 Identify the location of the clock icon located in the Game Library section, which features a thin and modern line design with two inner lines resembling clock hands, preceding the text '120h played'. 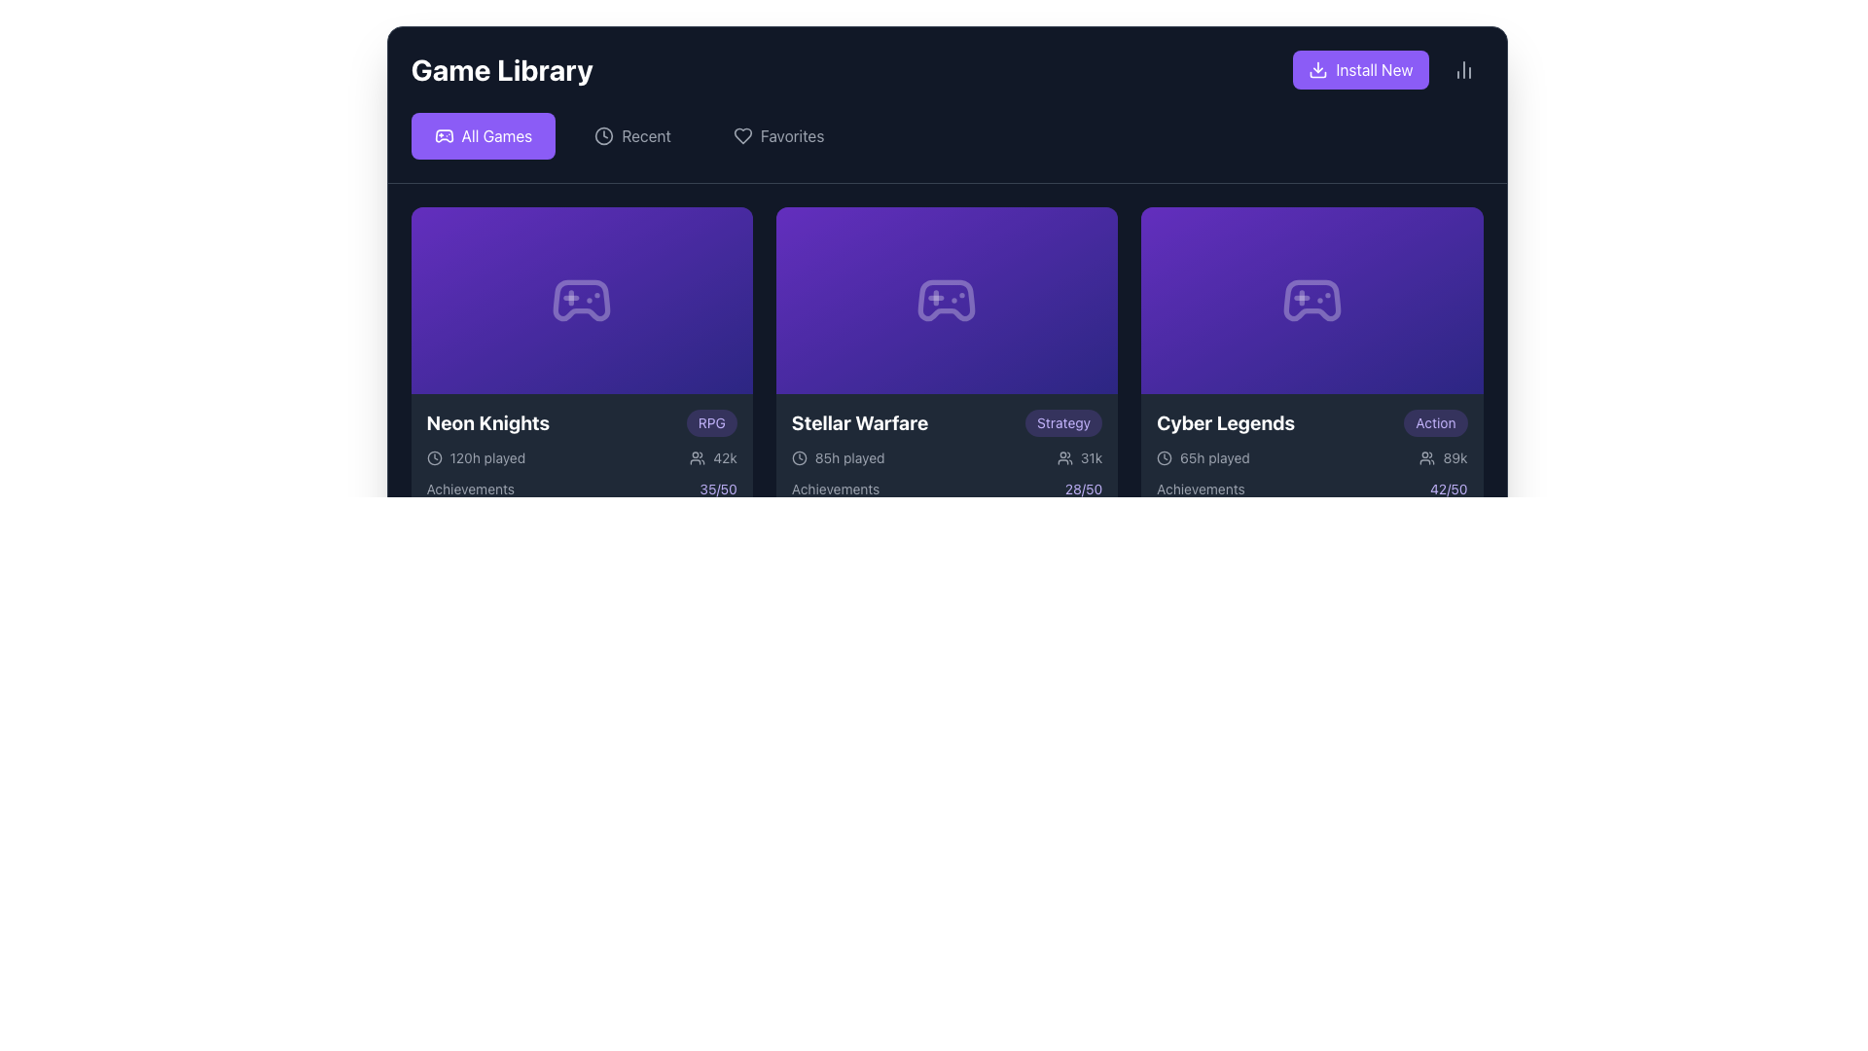
(433, 457).